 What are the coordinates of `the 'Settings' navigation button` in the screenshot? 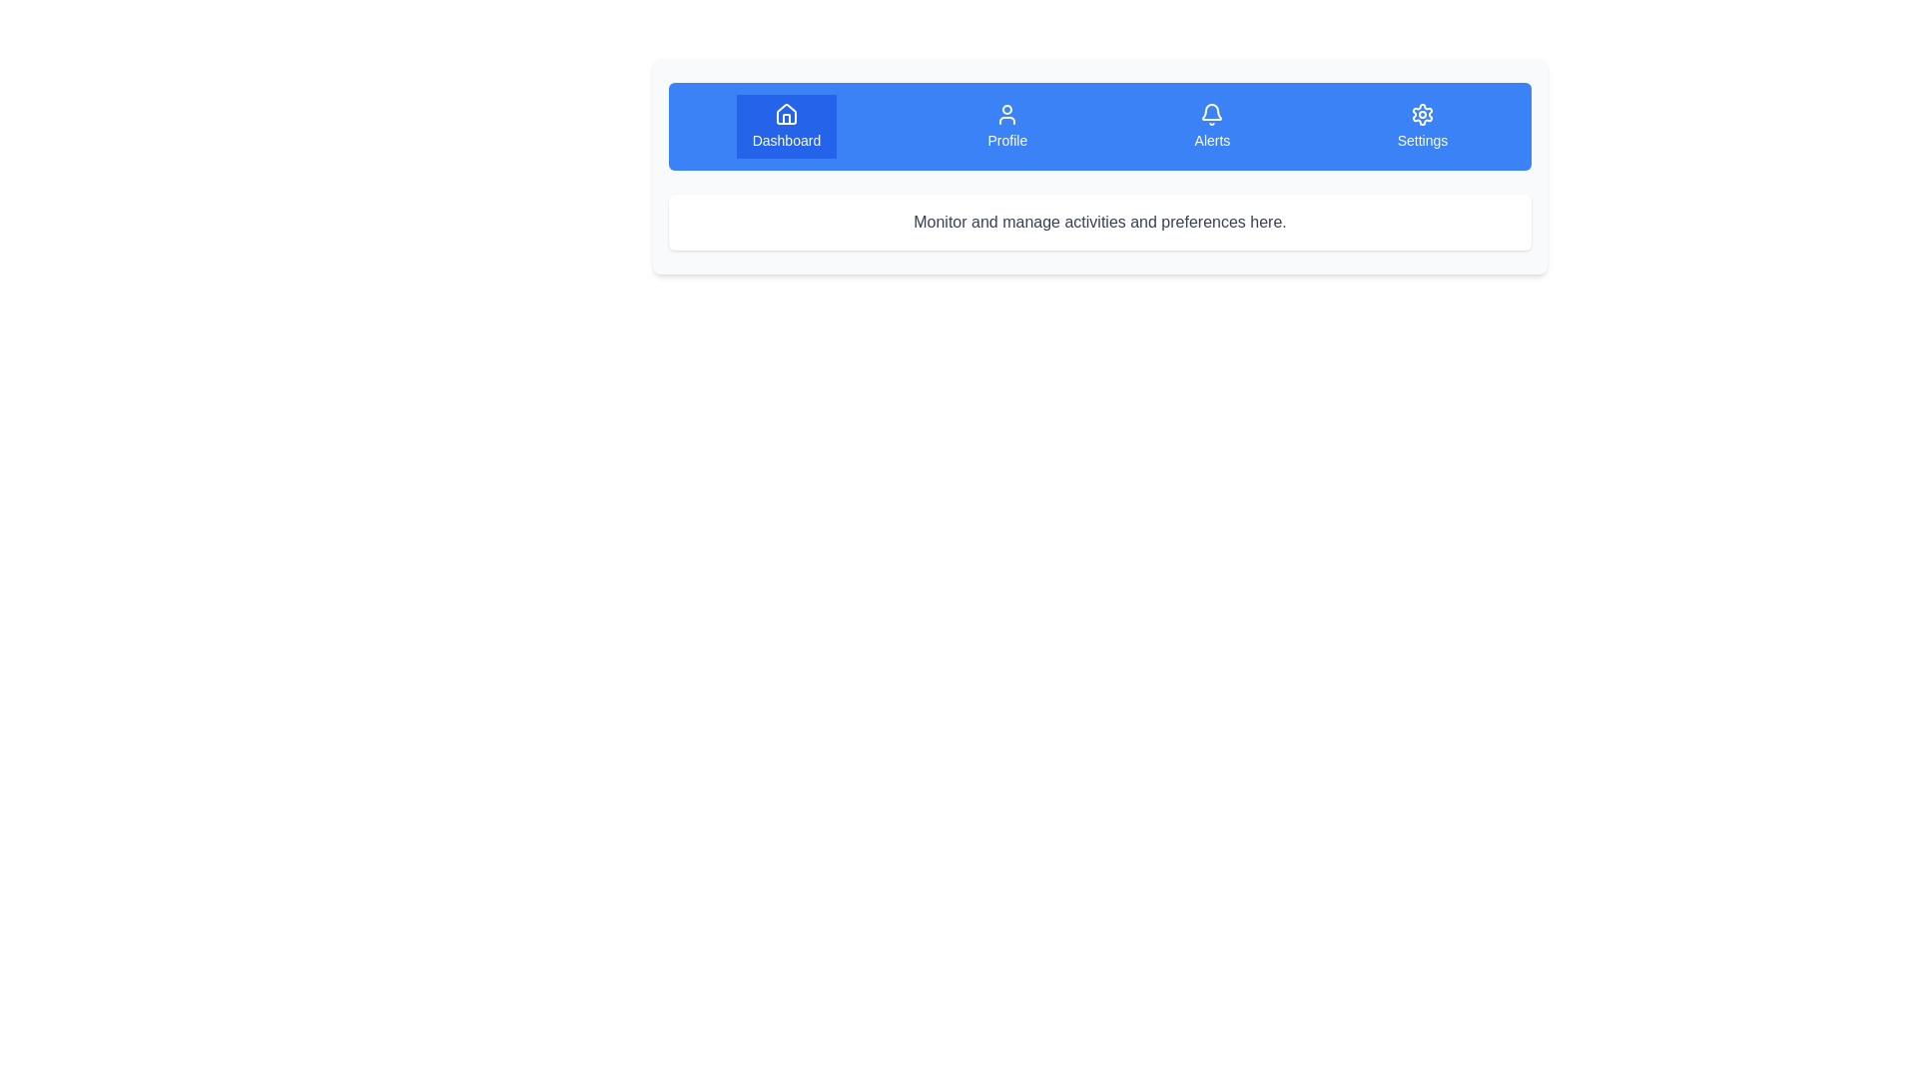 It's located at (1422, 127).